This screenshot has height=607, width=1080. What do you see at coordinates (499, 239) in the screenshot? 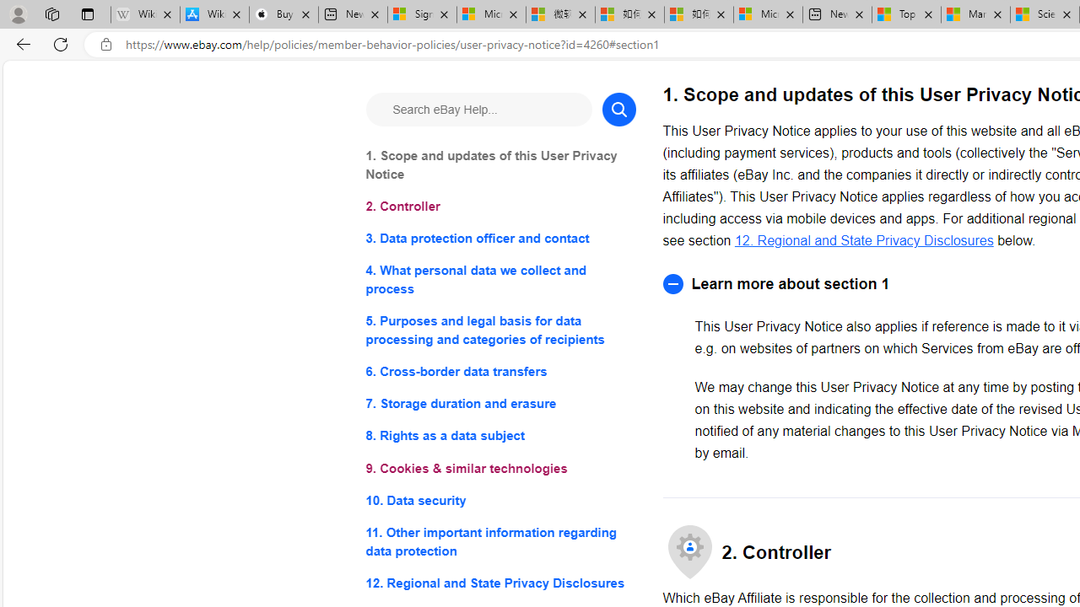
I see `'3. Data protection officer and contact'` at bounding box center [499, 239].